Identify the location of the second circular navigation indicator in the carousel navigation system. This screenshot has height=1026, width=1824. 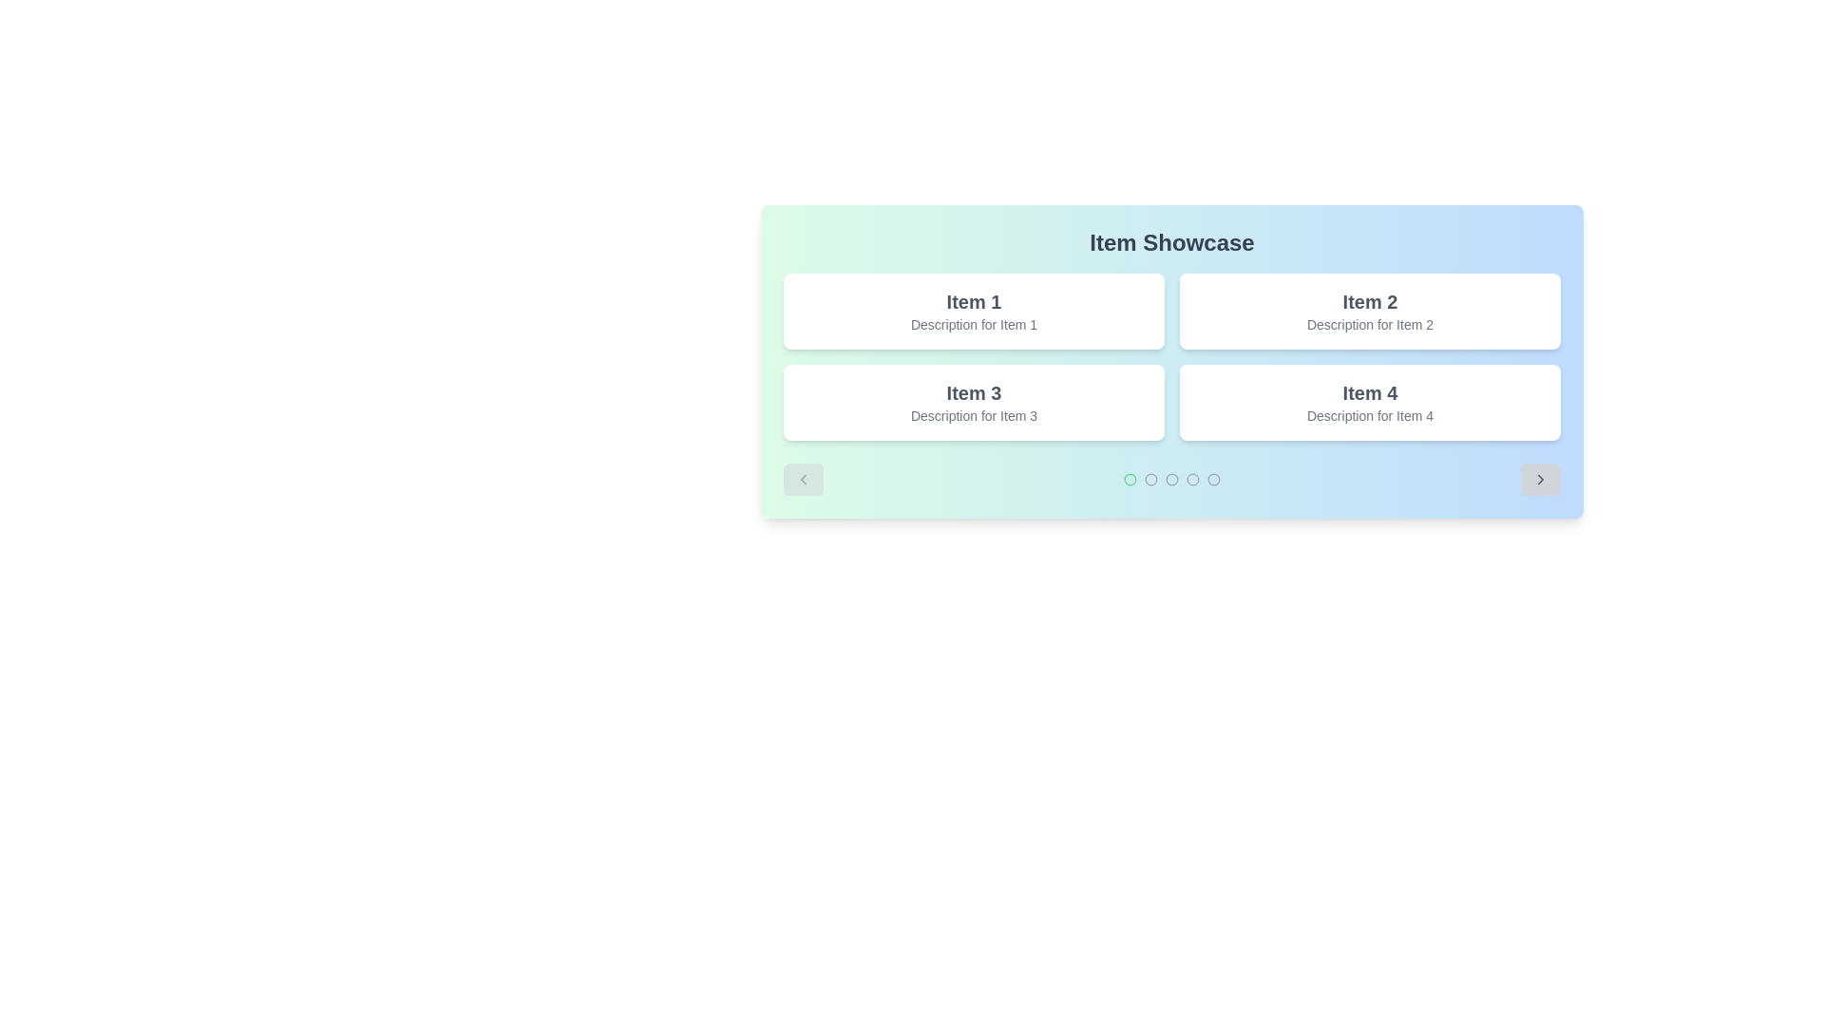
(1149, 479).